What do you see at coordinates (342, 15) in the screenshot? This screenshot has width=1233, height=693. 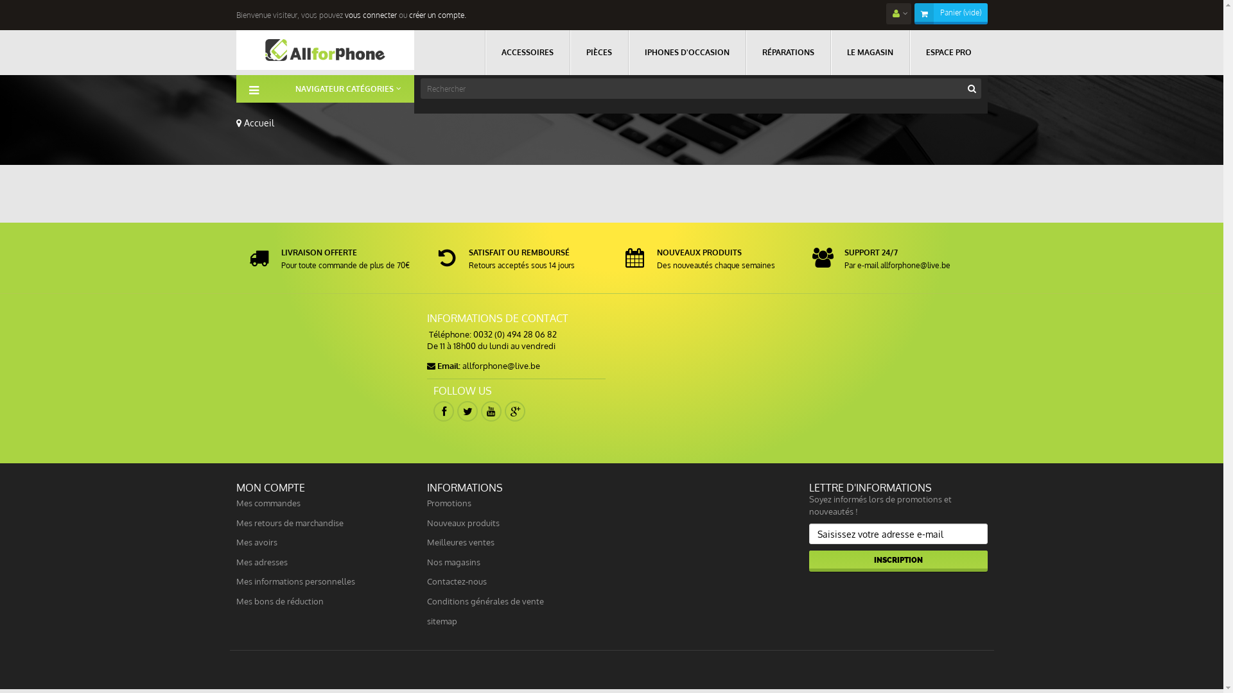 I see `'vous connecter'` at bounding box center [342, 15].